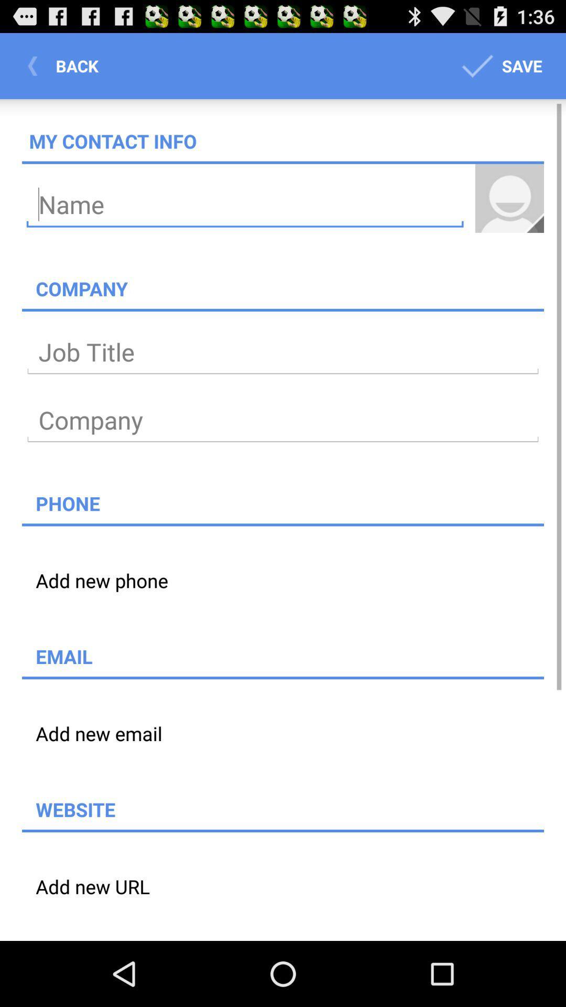 This screenshot has width=566, height=1007. I want to click on text add job title type in job title, so click(283, 352).